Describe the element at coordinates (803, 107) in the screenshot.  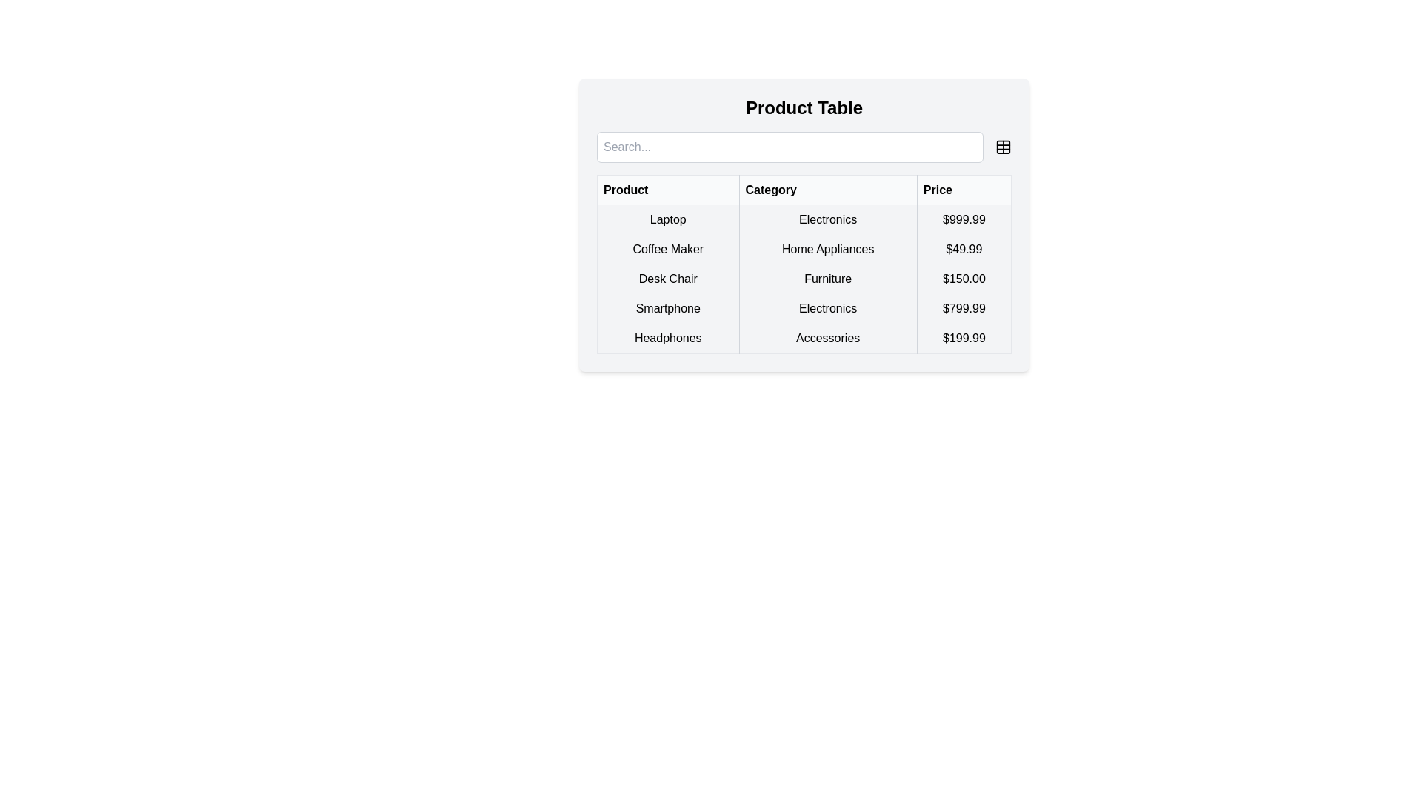
I see `the text label displaying 'Product Table', which is a bold, black, centered title above the search bar and product table` at that location.